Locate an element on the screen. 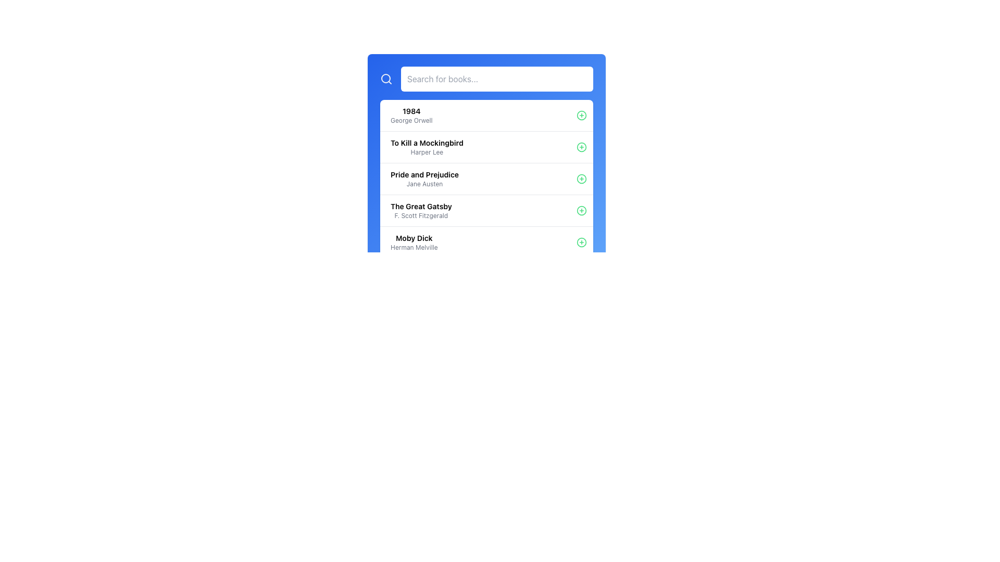  the text display list item for 'The Great Gatsby' by F. Scott Fitzgerald is located at coordinates (421, 211).